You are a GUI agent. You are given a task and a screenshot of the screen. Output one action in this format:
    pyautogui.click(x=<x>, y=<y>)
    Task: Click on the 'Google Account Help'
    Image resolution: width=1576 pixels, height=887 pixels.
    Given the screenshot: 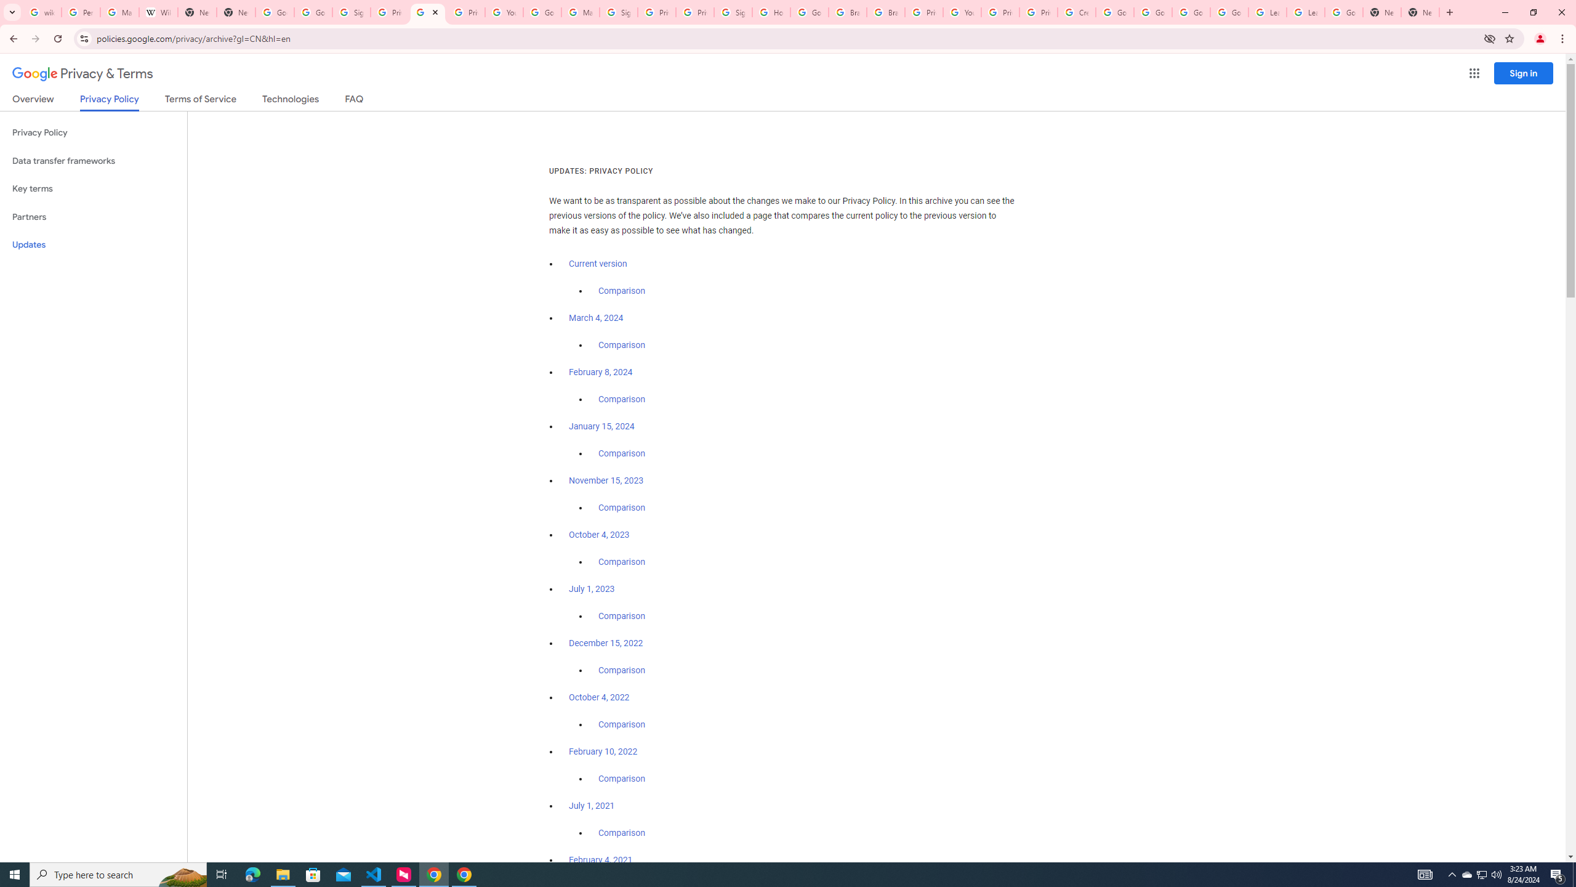 What is the action you would take?
    pyautogui.click(x=1114, y=12)
    